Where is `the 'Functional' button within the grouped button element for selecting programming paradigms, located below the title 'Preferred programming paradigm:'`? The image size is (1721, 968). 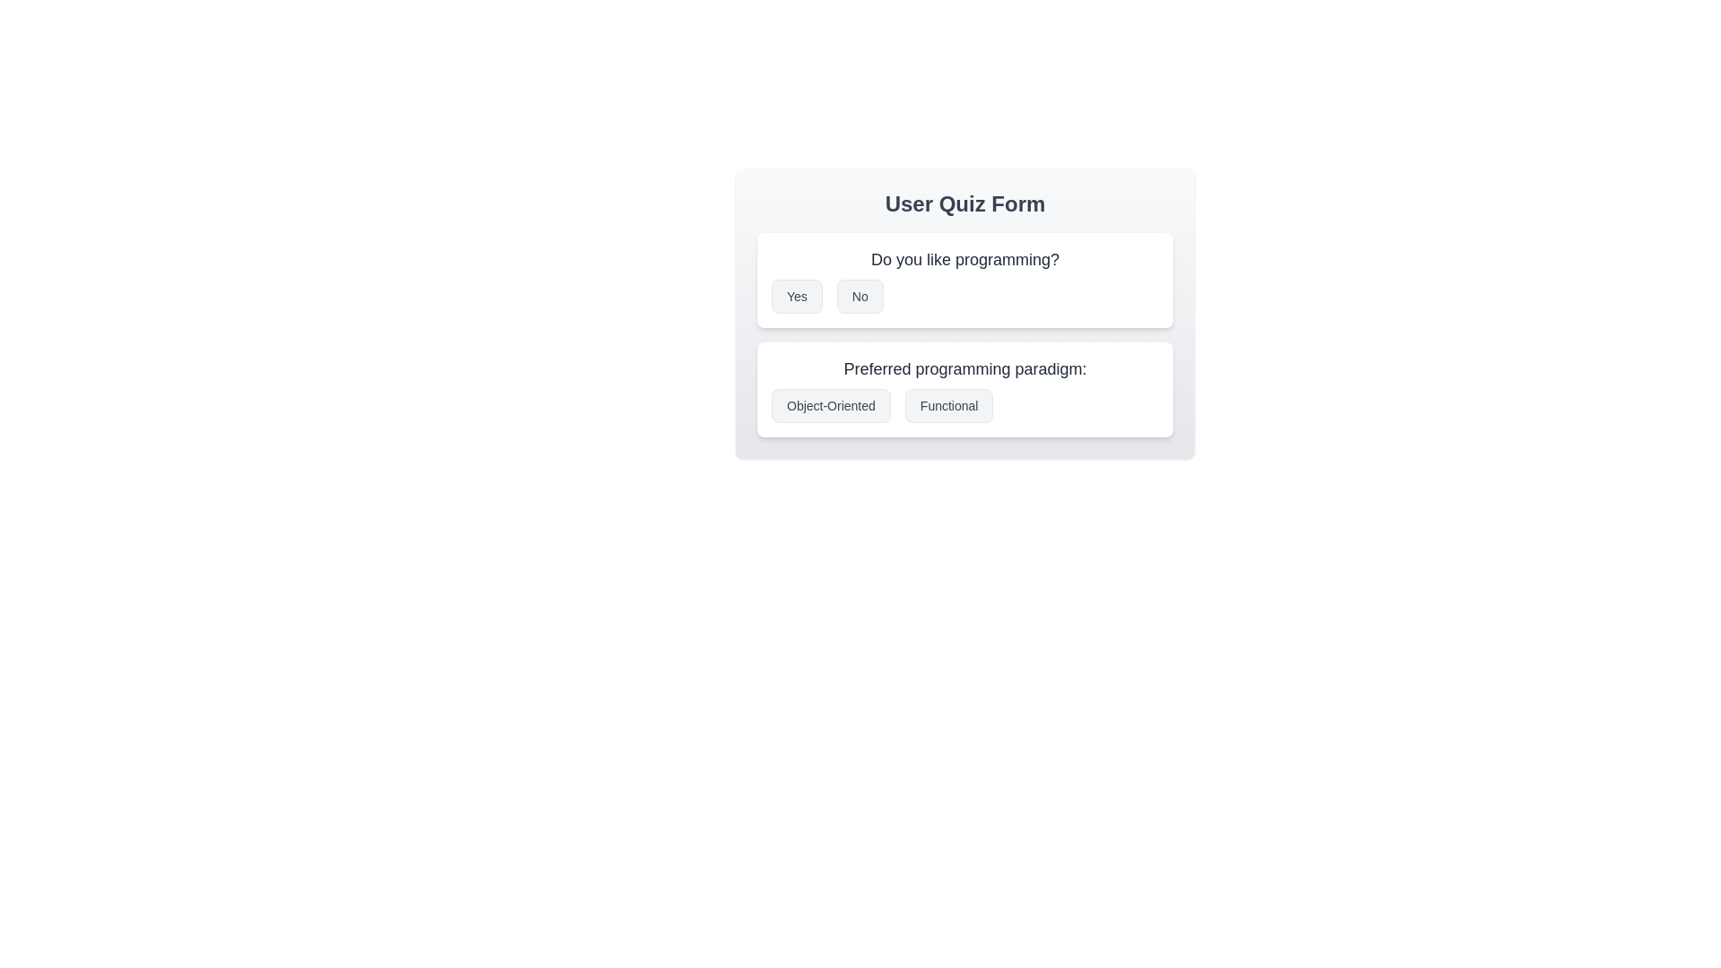 the 'Functional' button within the grouped button element for selecting programming paradigms, located below the title 'Preferred programming paradigm:' is located at coordinates (964, 405).